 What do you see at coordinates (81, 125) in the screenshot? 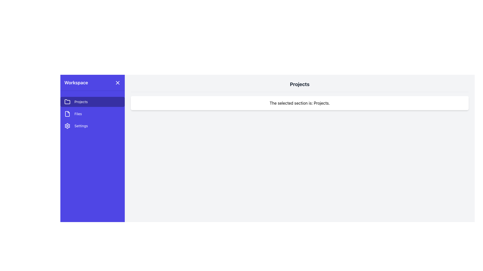
I see `the text label located below the 'Files' option in the left sidebar navigation panel` at bounding box center [81, 125].